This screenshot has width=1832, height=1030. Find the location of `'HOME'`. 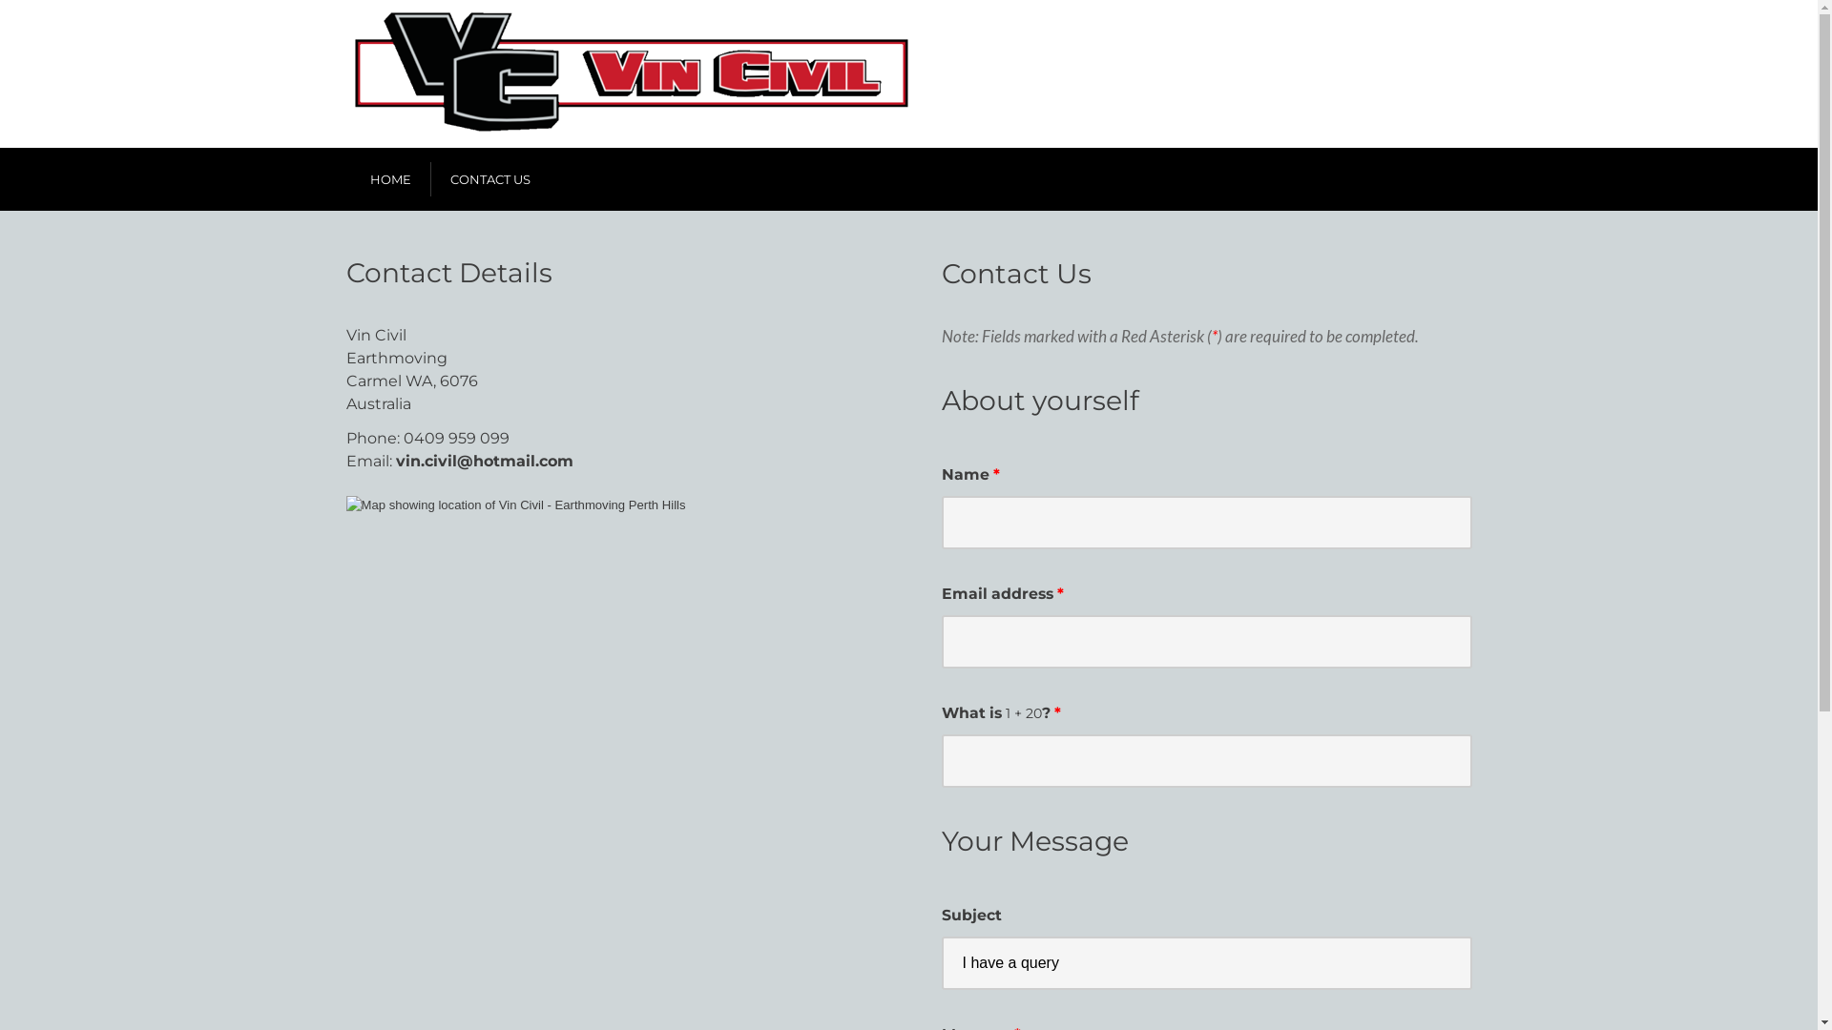

'HOME' is located at coordinates (389, 179).